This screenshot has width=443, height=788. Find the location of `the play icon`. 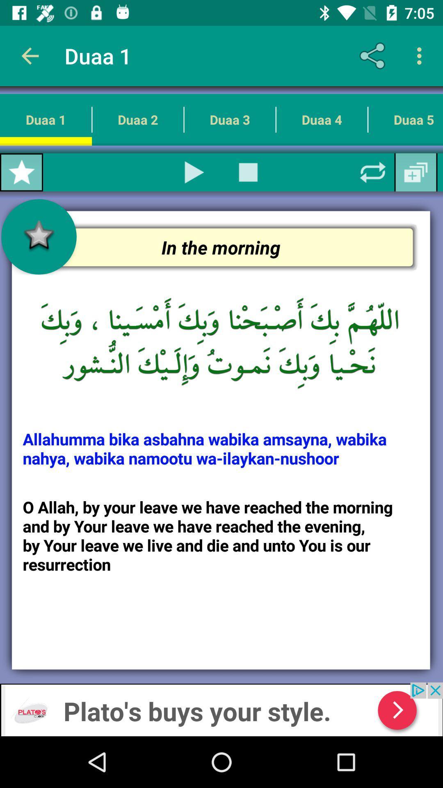

the play icon is located at coordinates (194, 172).